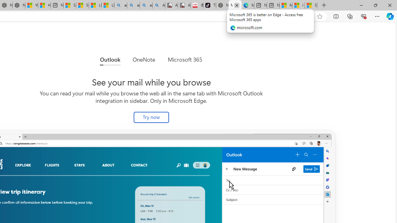  I want to click on 'Nordace - Best Sellers', so click(222, 5).